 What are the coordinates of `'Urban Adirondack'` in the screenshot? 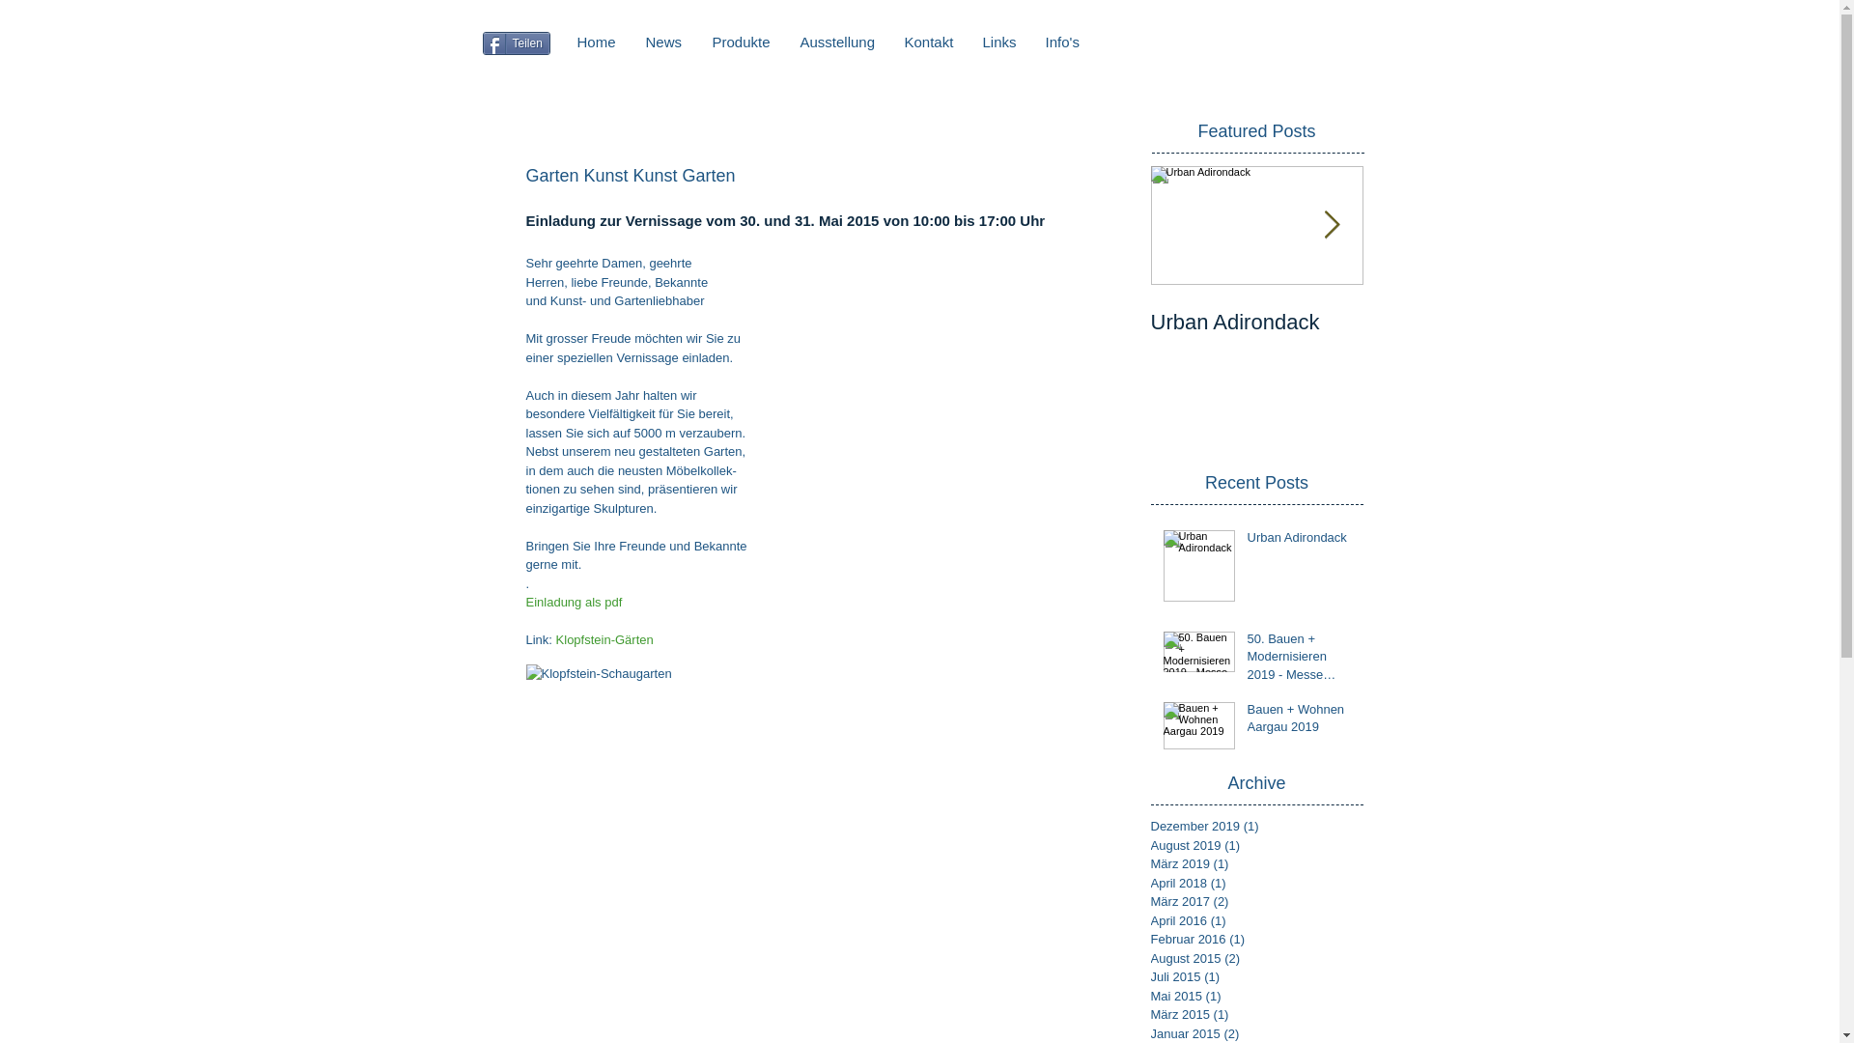 It's located at (1256, 322).